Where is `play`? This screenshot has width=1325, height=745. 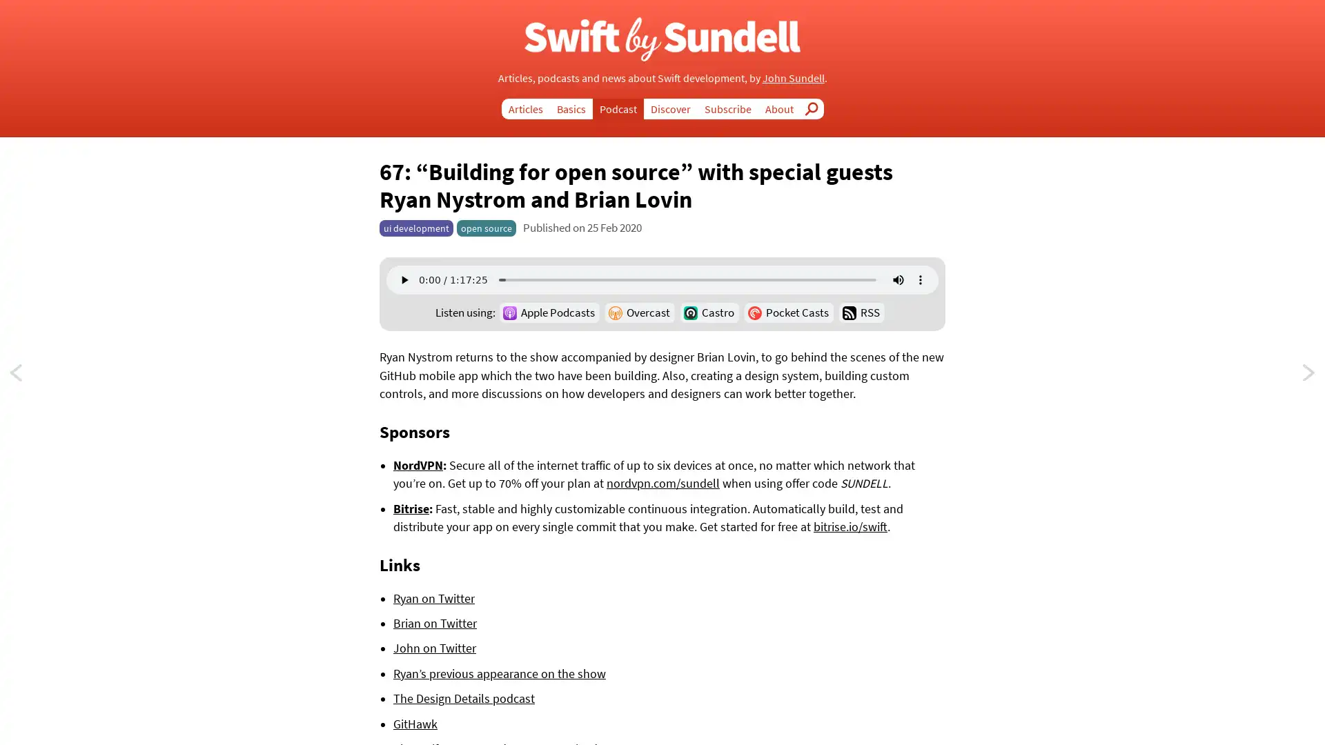
play is located at coordinates (403, 279).